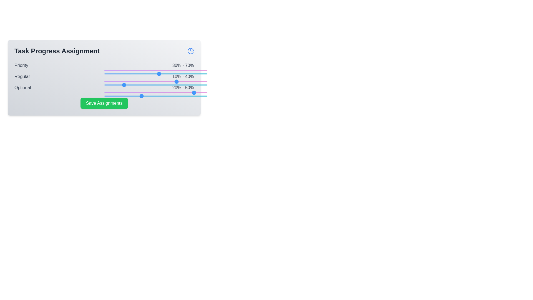 Image resolution: width=533 pixels, height=300 pixels. What do you see at coordinates (190, 51) in the screenshot?
I see `the pie chart icon at the top-right corner of the component` at bounding box center [190, 51].